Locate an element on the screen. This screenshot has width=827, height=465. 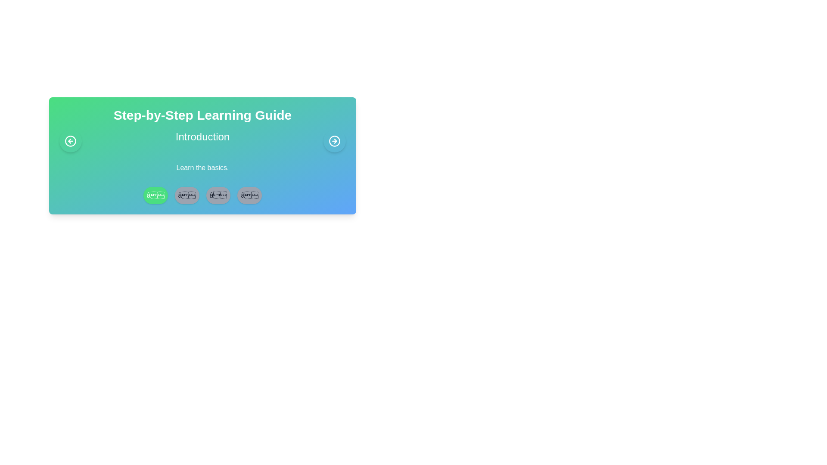
the navigation button located to the right of the text 'Introduction' is located at coordinates (334, 140).